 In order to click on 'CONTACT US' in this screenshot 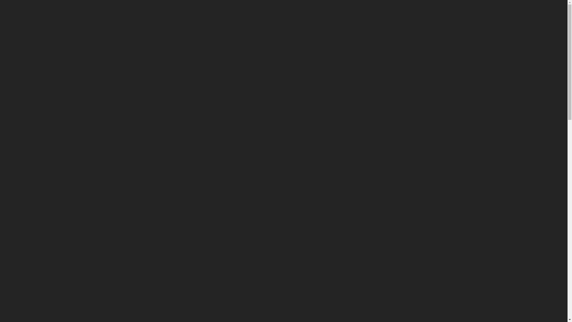, I will do `click(283, 191)`.